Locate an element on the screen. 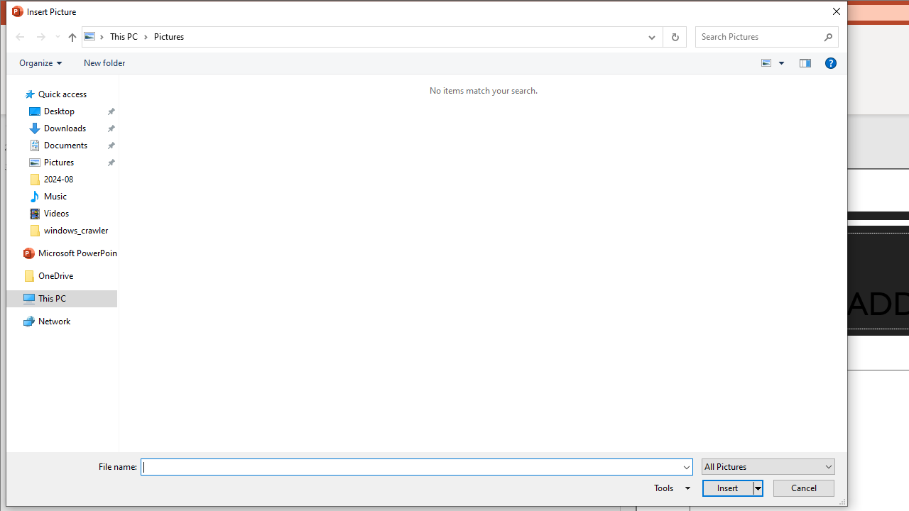 Image resolution: width=909 pixels, height=511 pixels. 'Refresh "Pictures" (F5)' is located at coordinates (673, 35).